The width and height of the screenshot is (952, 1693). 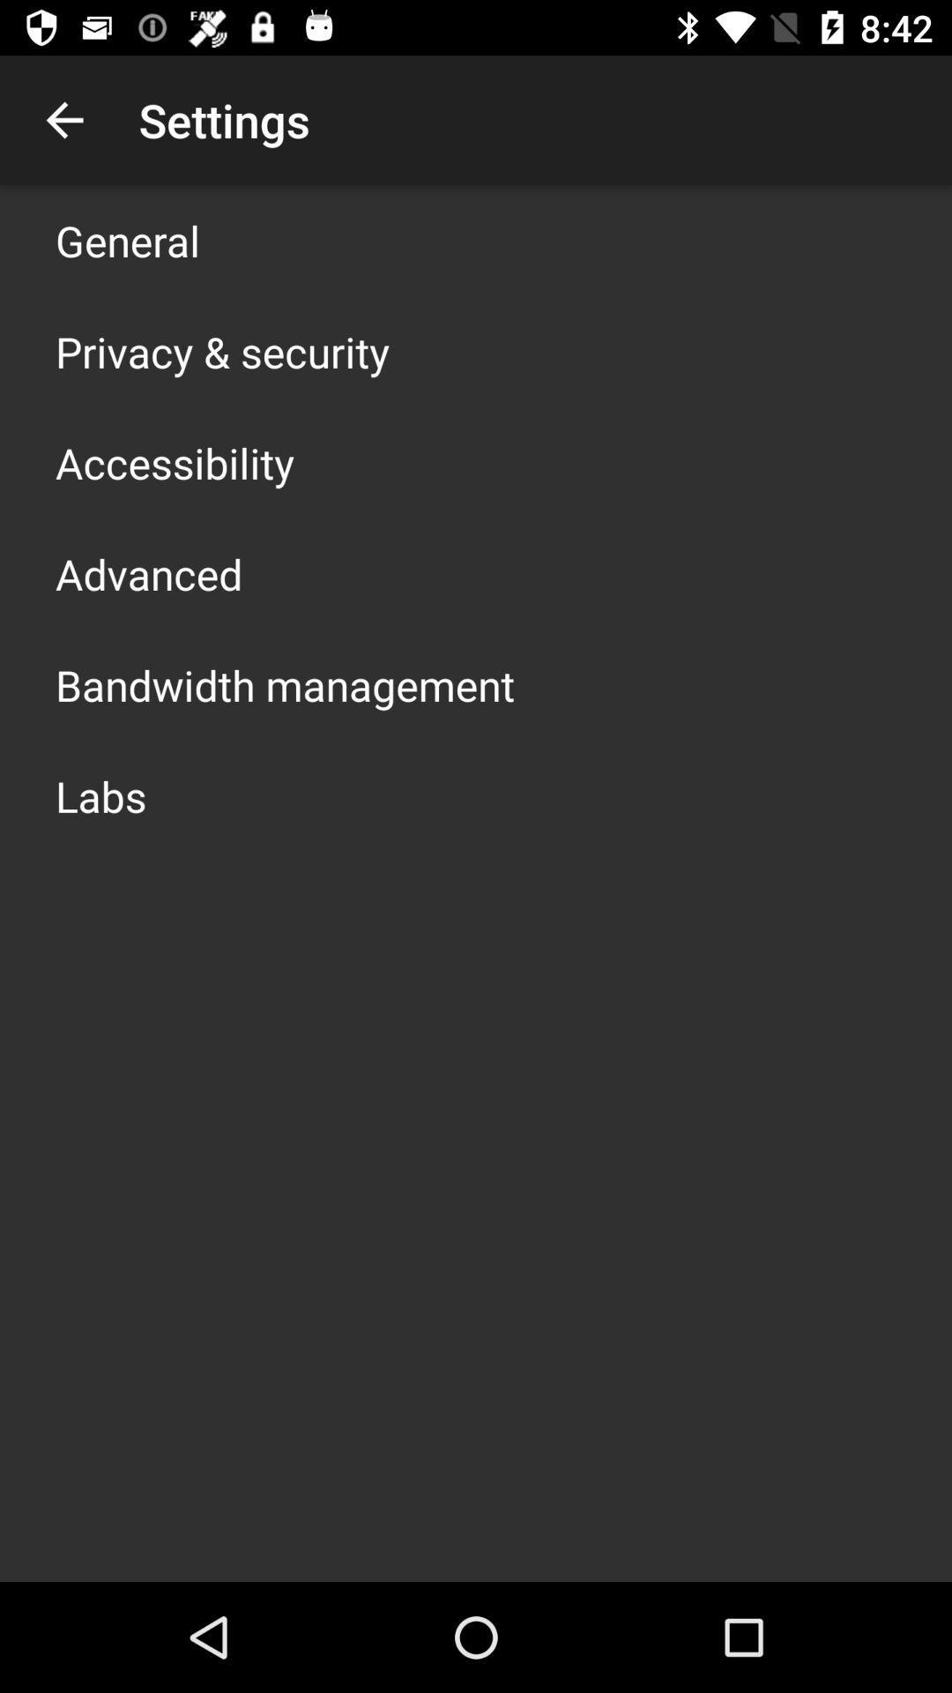 I want to click on bandwidth management app, so click(x=284, y=684).